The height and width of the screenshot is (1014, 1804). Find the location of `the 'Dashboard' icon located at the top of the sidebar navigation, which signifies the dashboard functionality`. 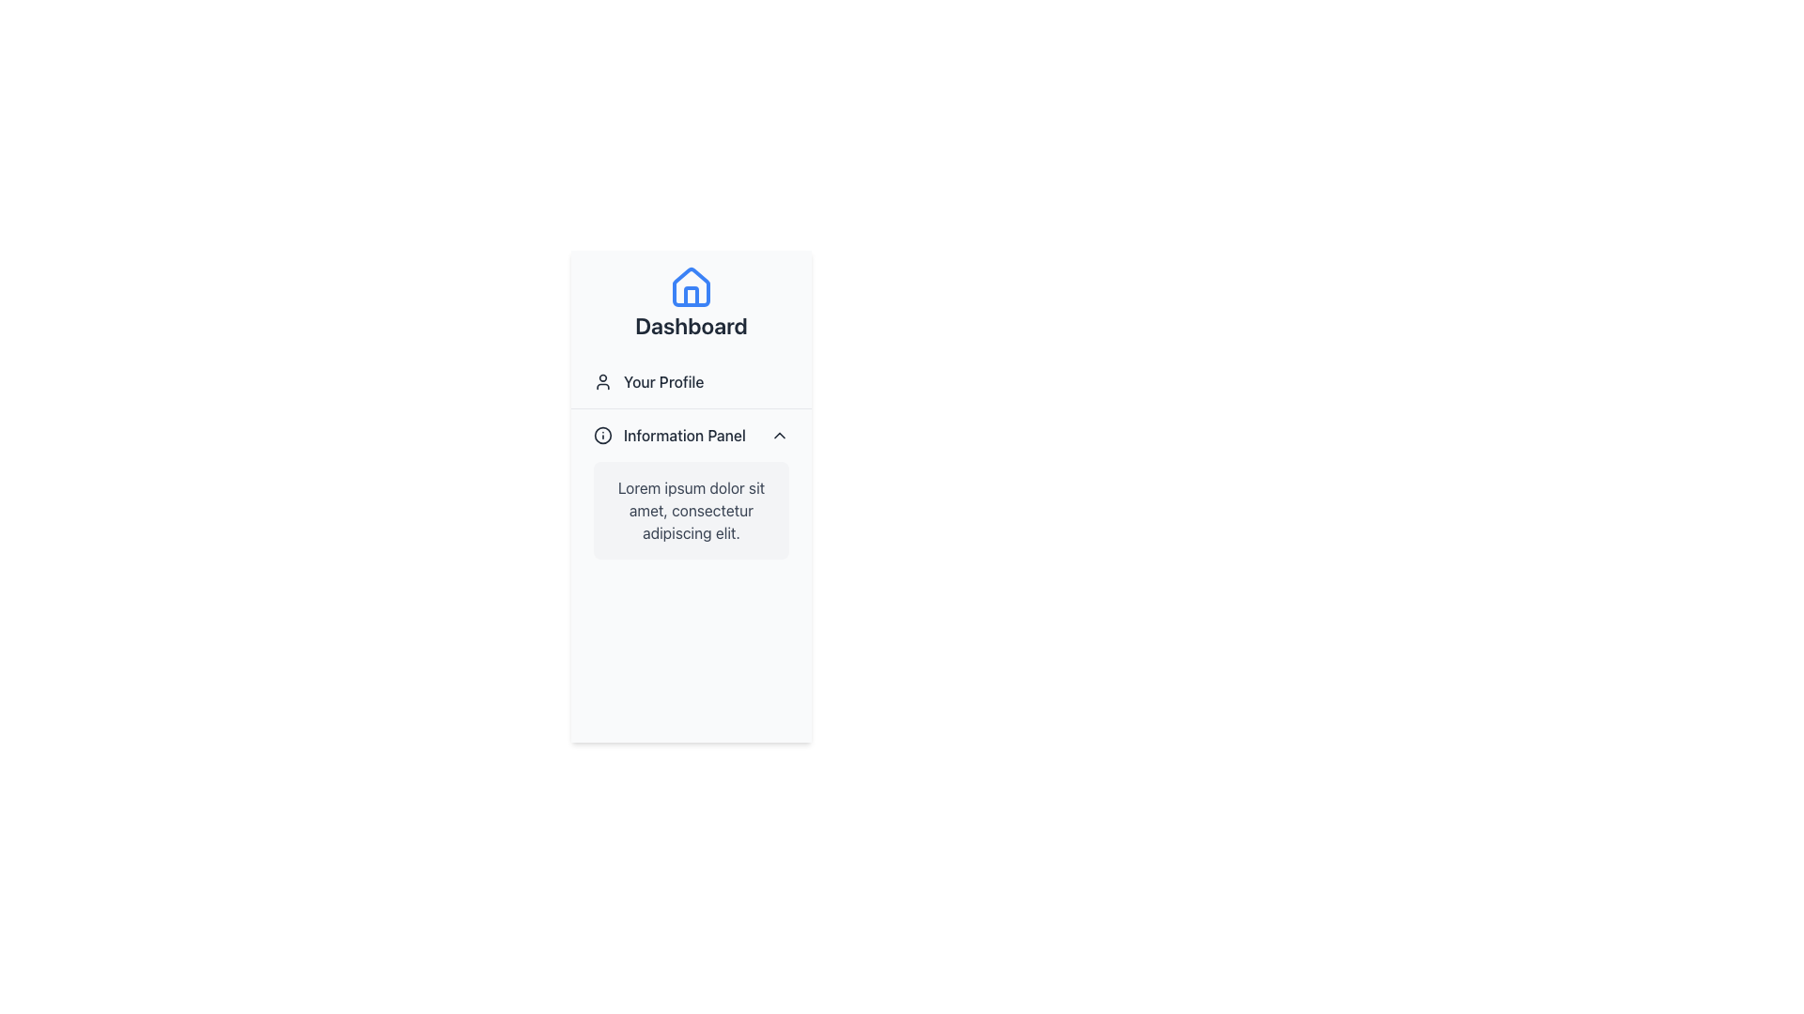

the 'Dashboard' icon located at the top of the sidebar navigation, which signifies the dashboard functionality is located at coordinates (690, 286).